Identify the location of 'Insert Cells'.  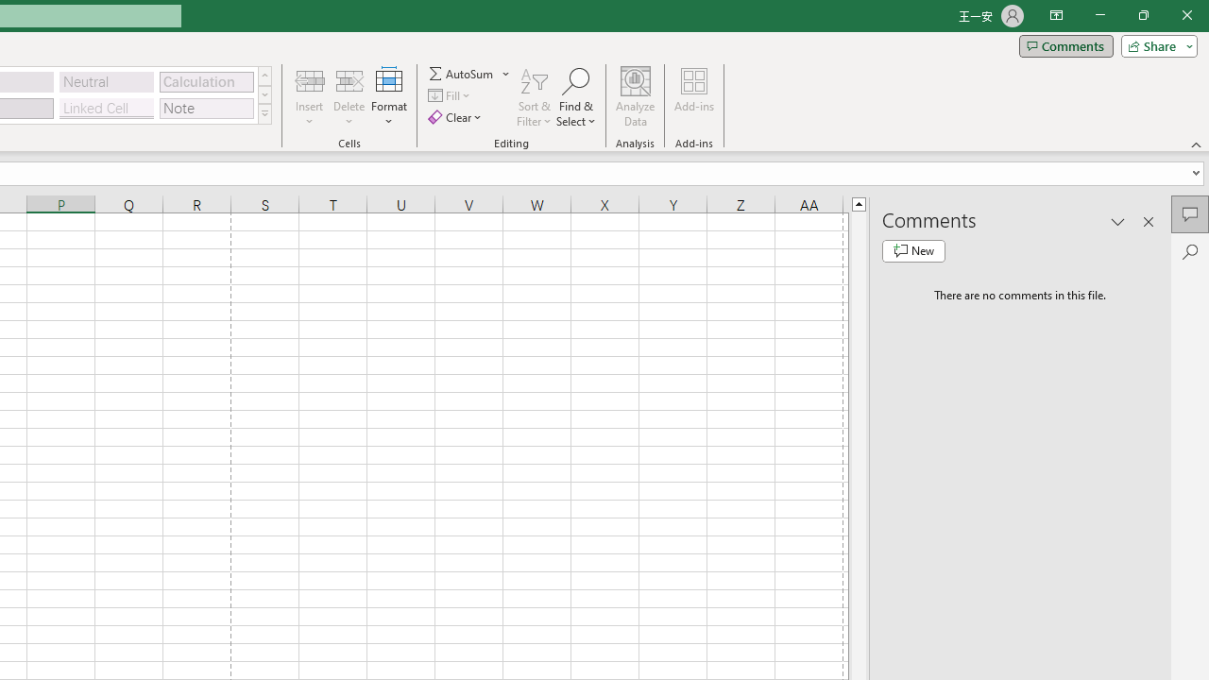
(310, 79).